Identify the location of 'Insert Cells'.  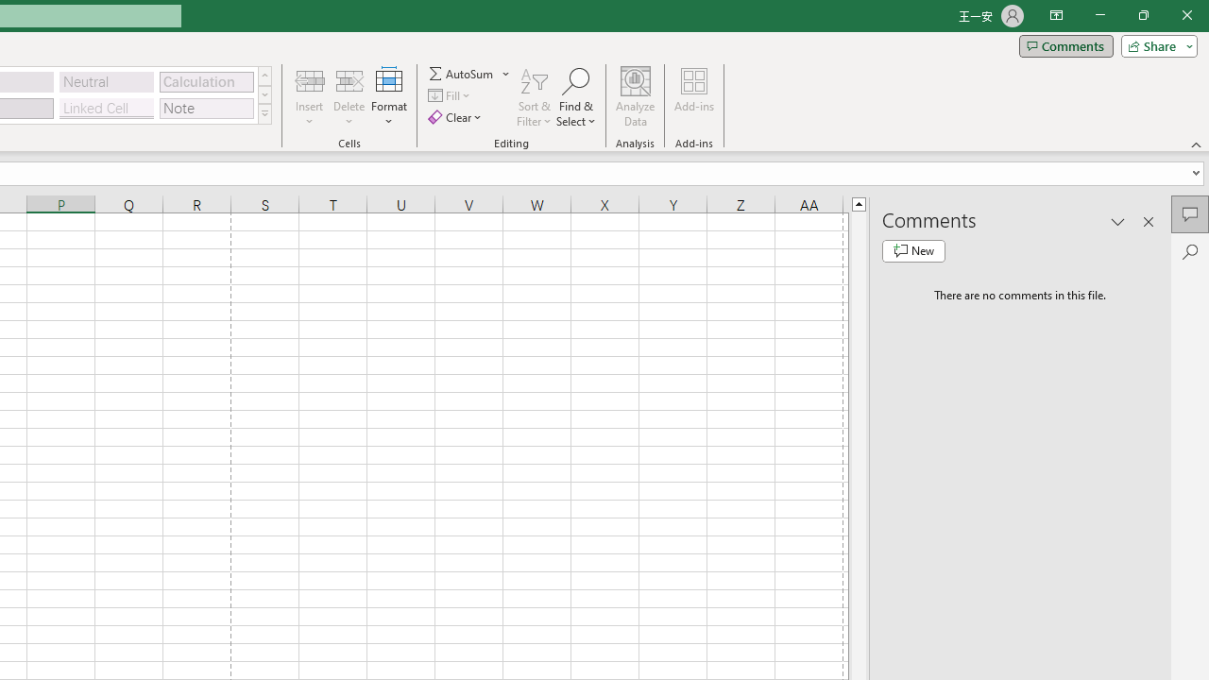
(310, 79).